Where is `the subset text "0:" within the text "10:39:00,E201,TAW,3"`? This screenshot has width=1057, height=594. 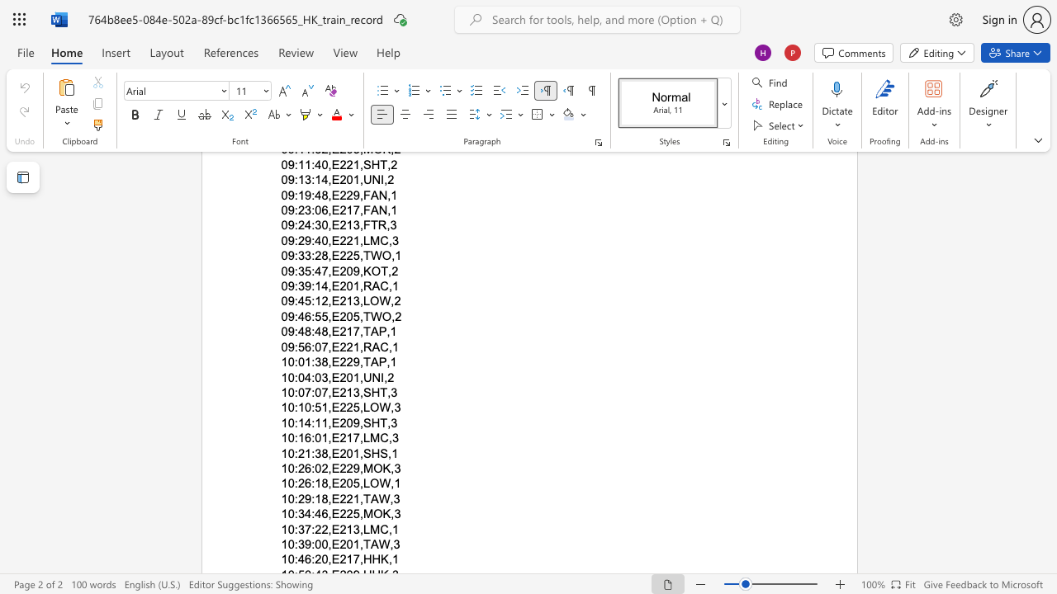 the subset text "0:" within the text "10:39:00,E201,TAW,3" is located at coordinates (287, 544).